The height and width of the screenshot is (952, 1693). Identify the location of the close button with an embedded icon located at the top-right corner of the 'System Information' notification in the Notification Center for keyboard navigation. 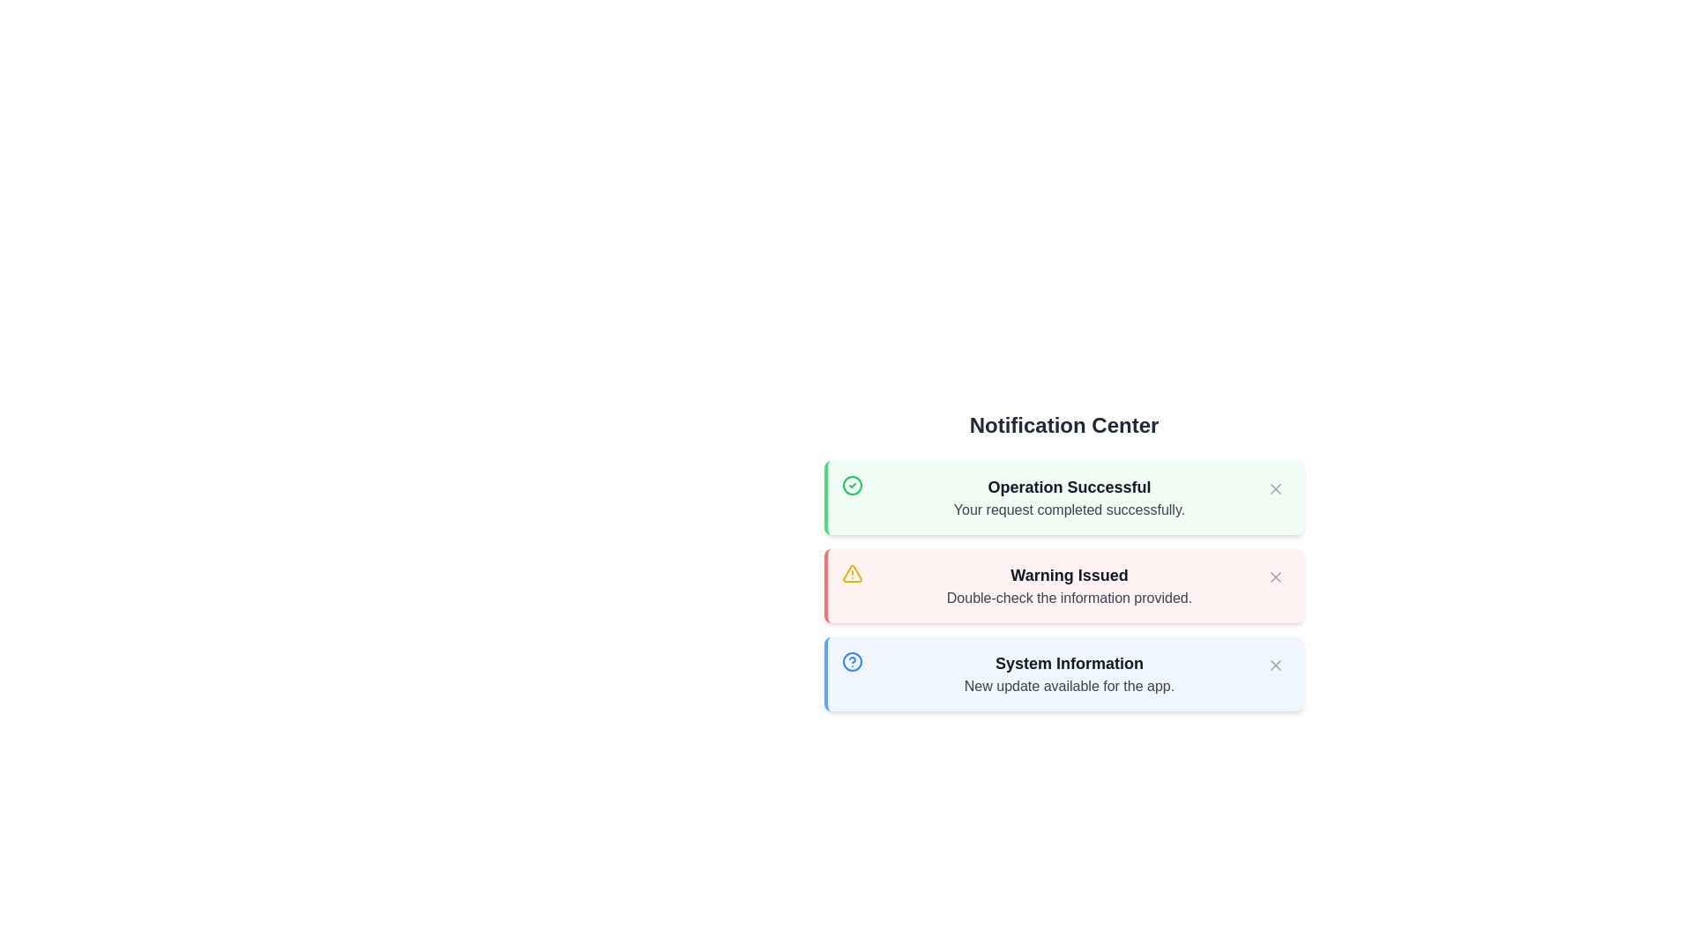
(1275, 666).